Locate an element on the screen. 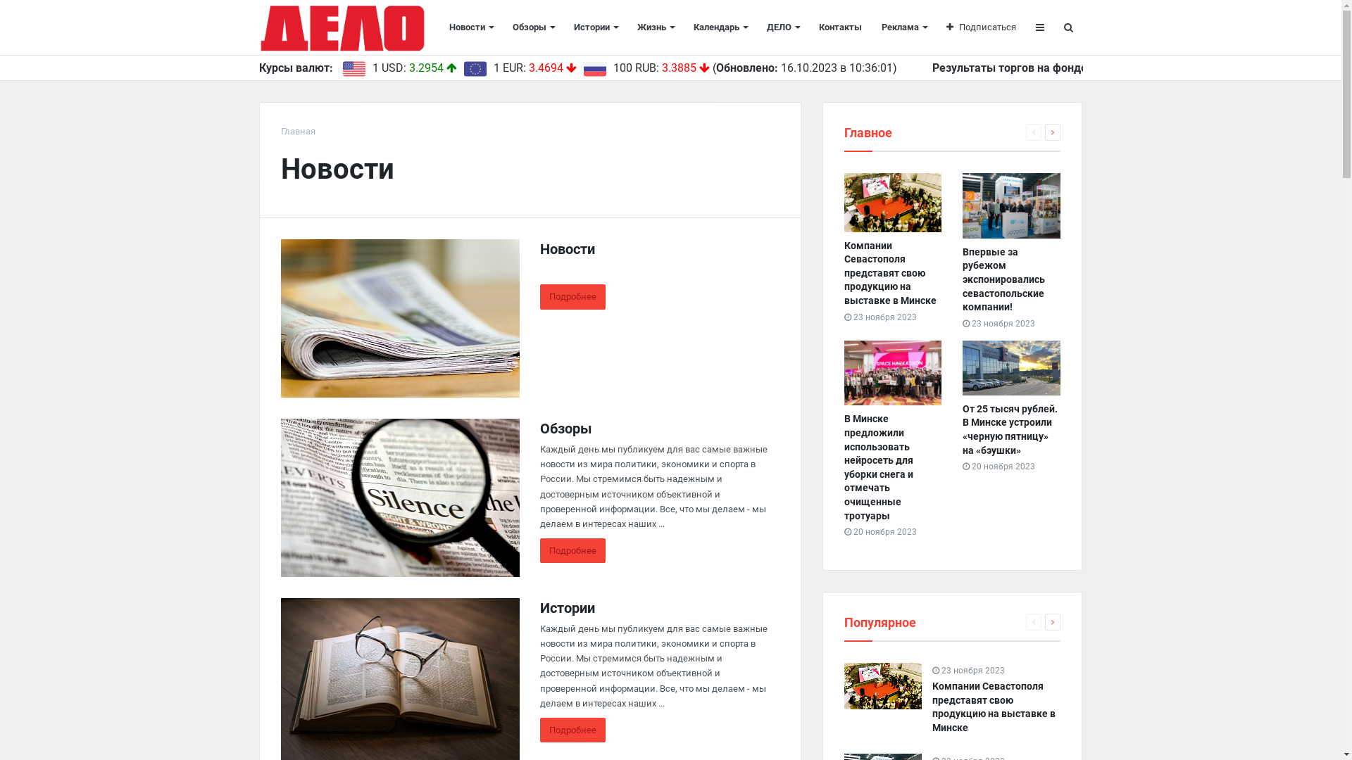  'EUR' is located at coordinates (474, 68).